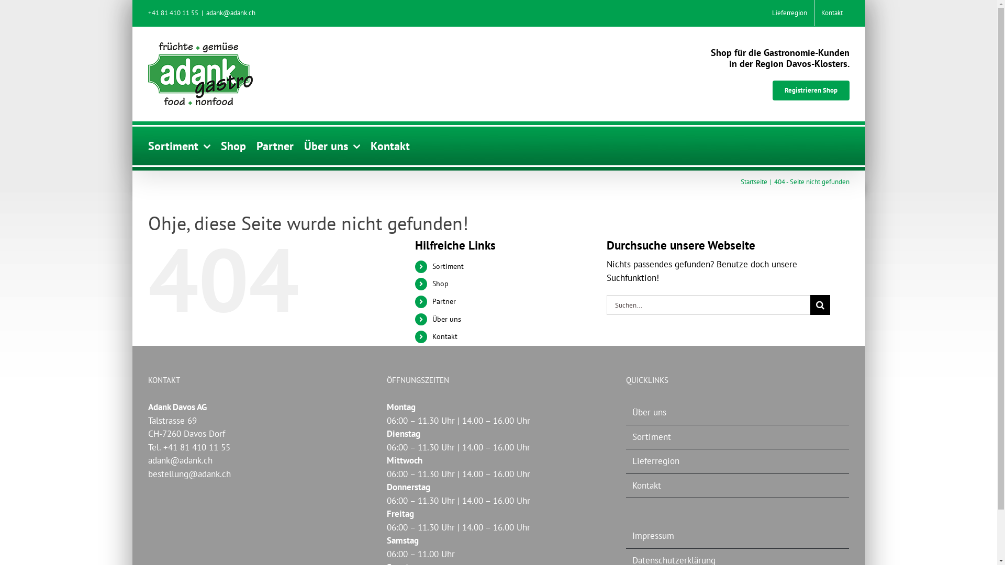  What do you see at coordinates (738, 461) in the screenshot?
I see `'Lieferregion'` at bounding box center [738, 461].